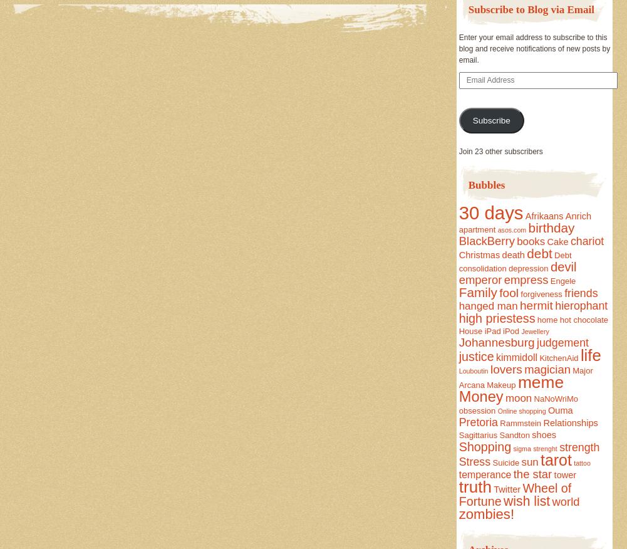 Image resolution: width=627 pixels, height=549 pixels. What do you see at coordinates (562, 342) in the screenshot?
I see `'judgement'` at bounding box center [562, 342].